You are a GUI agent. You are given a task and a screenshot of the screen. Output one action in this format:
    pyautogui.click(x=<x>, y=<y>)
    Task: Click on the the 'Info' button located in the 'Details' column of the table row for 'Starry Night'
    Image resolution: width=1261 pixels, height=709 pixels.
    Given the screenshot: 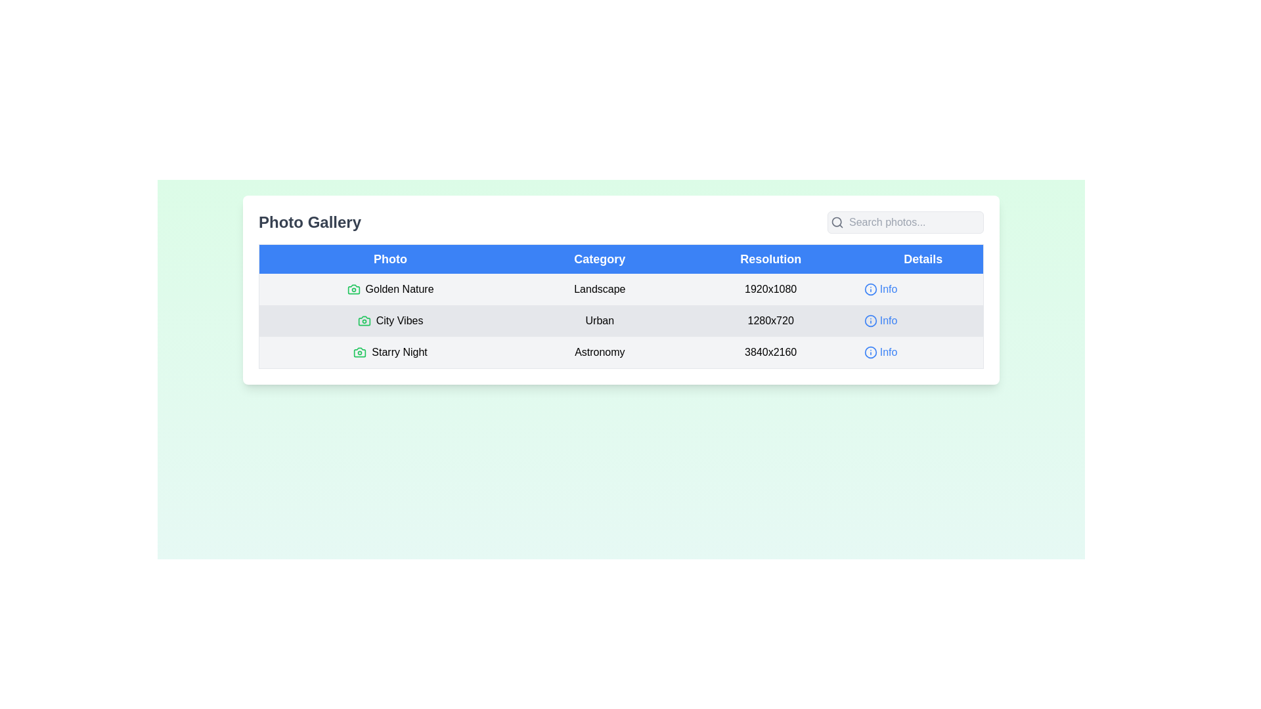 What is the action you would take?
    pyautogui.click(x=881, y=351)
    